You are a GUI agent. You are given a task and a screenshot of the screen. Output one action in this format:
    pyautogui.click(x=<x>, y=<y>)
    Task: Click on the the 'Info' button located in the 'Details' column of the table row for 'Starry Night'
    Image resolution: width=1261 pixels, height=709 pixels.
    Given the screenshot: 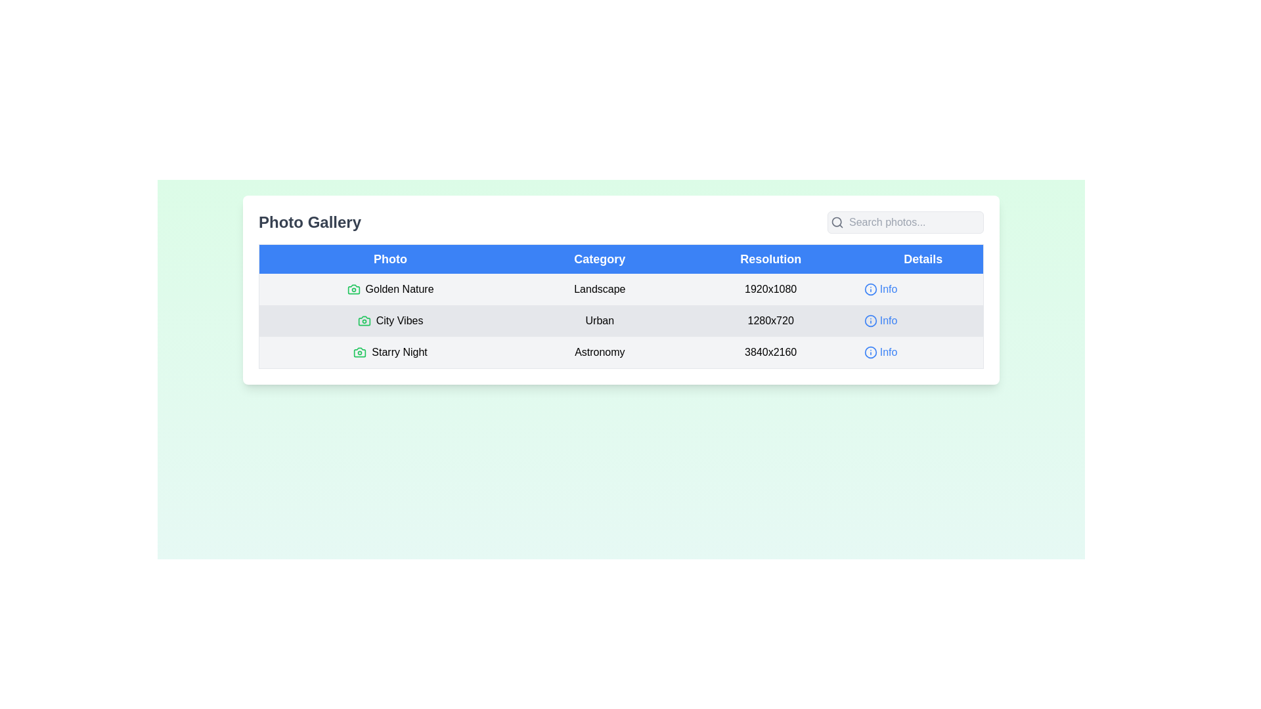 What is the action you would take?
    pyautogui.click(x=881, y=351)
    